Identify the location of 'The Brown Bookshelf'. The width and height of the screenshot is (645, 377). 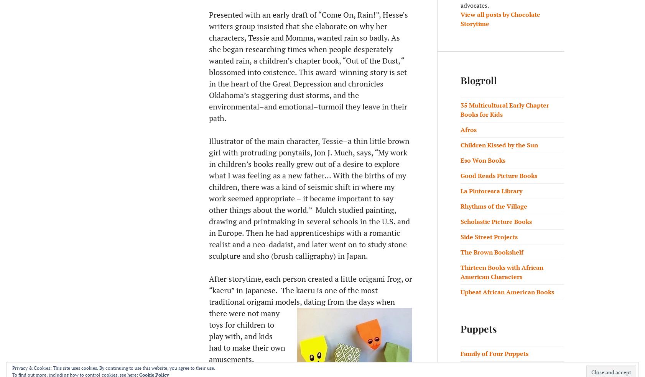
(492, 251).